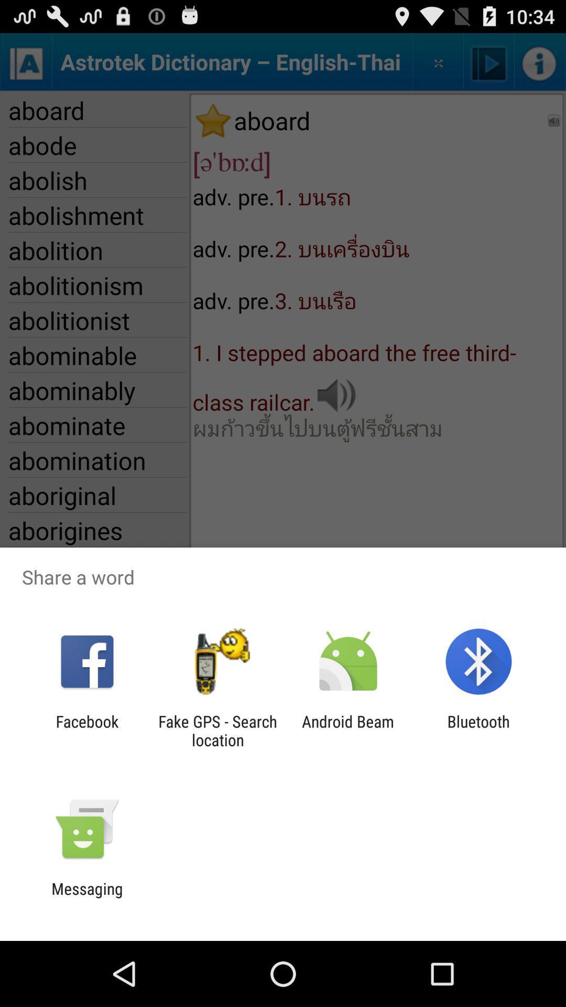 The width and height of the screenshot is (566, 1007). Describe the element at coordinates (348, 730) in the screenshot. I see `the android beam app` at that location.